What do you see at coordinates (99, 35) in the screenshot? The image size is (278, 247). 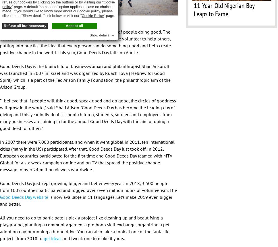 I see `'Show details'` at bounding box center [99, 35].